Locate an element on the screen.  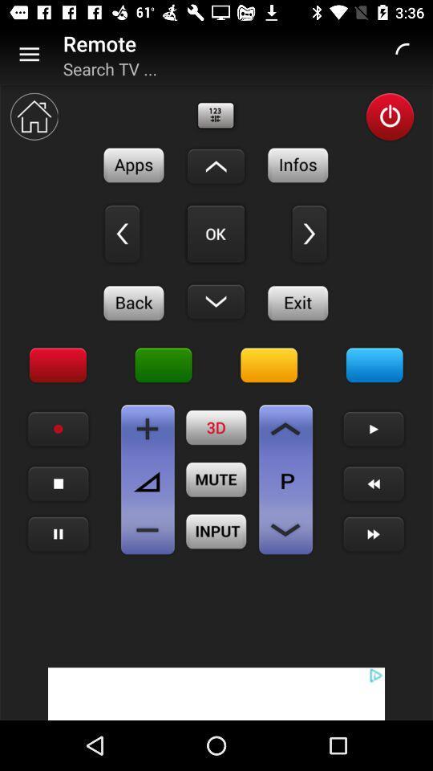
channel up button is located at coordinates (285, 428).